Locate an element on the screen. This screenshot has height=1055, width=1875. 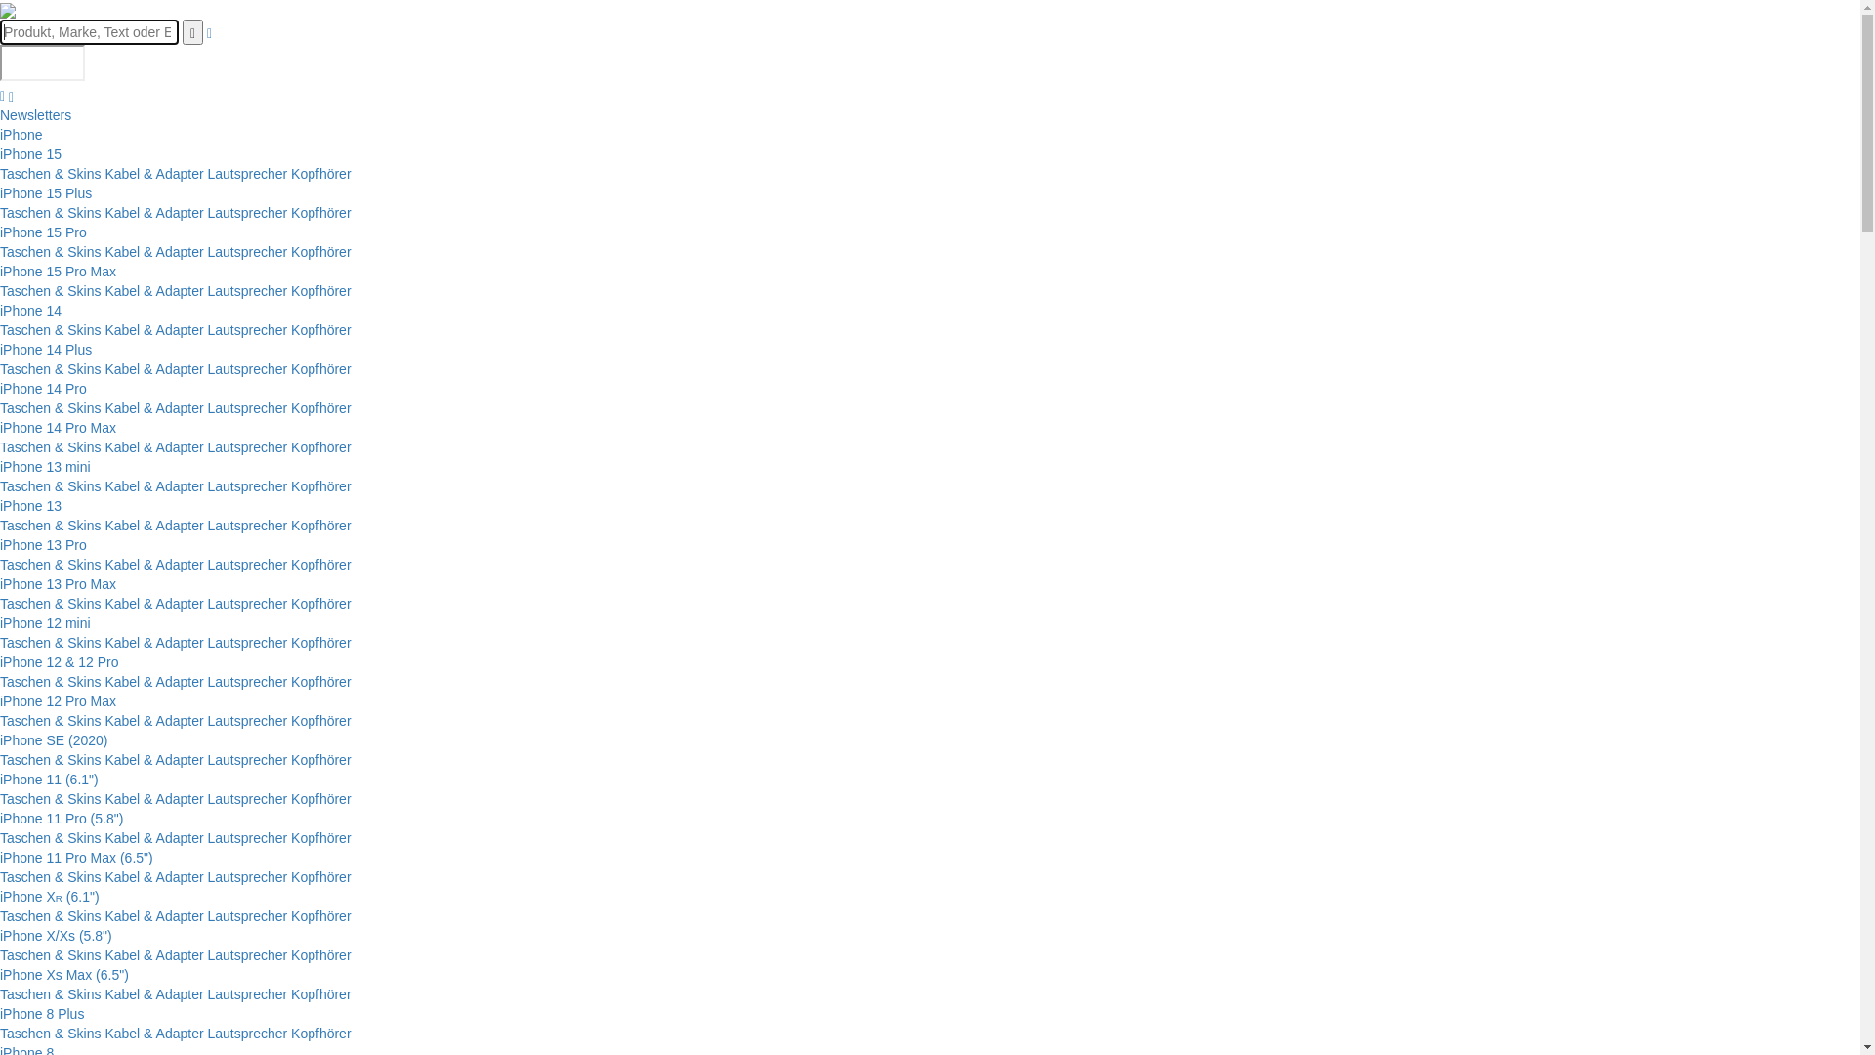
'Zur Startseite' is located at coordinates (8, 10).